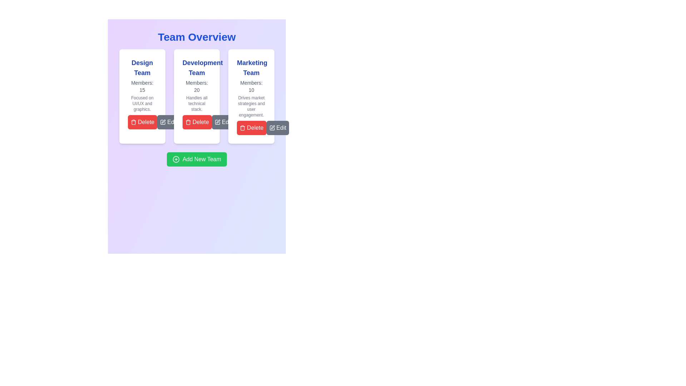  Describe the element at coordinates (197, 68) in the screenshot. I see `the 'Development Team' text label, which is styled with bold blue text and located at the top of the centered card in a grid of three cards` at that location.